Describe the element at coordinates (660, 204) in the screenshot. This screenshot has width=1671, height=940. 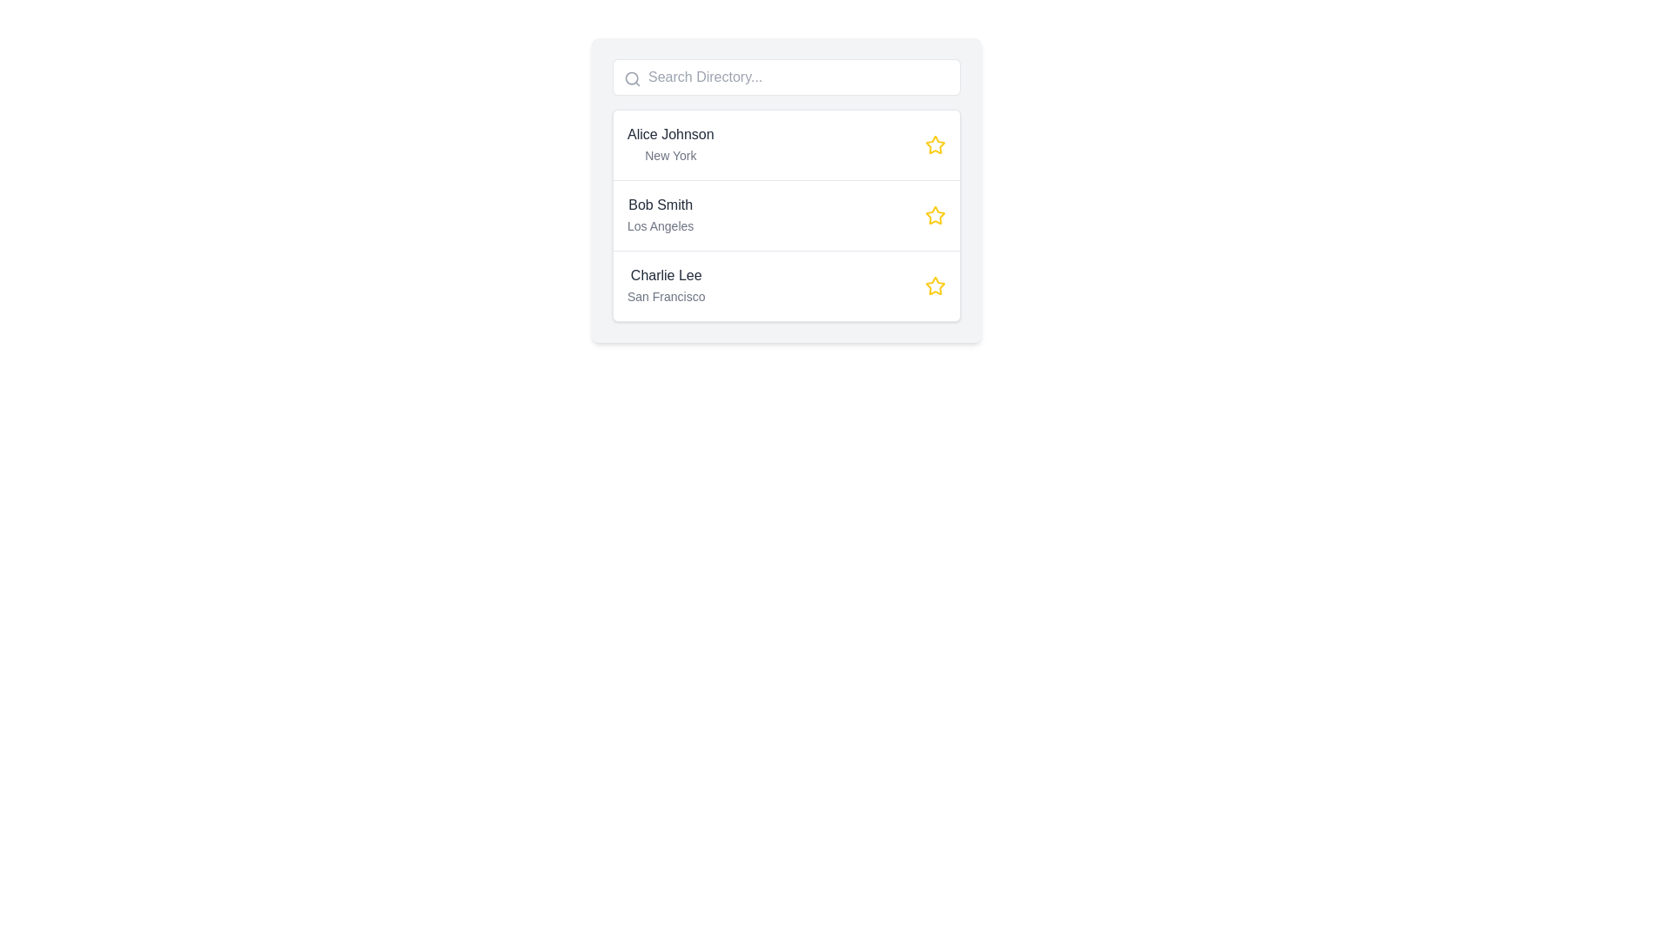
I see `text displayed as 'Bob Smith' in a medium, bold font, positioned above 'Los Angeles' in the list` at that location.